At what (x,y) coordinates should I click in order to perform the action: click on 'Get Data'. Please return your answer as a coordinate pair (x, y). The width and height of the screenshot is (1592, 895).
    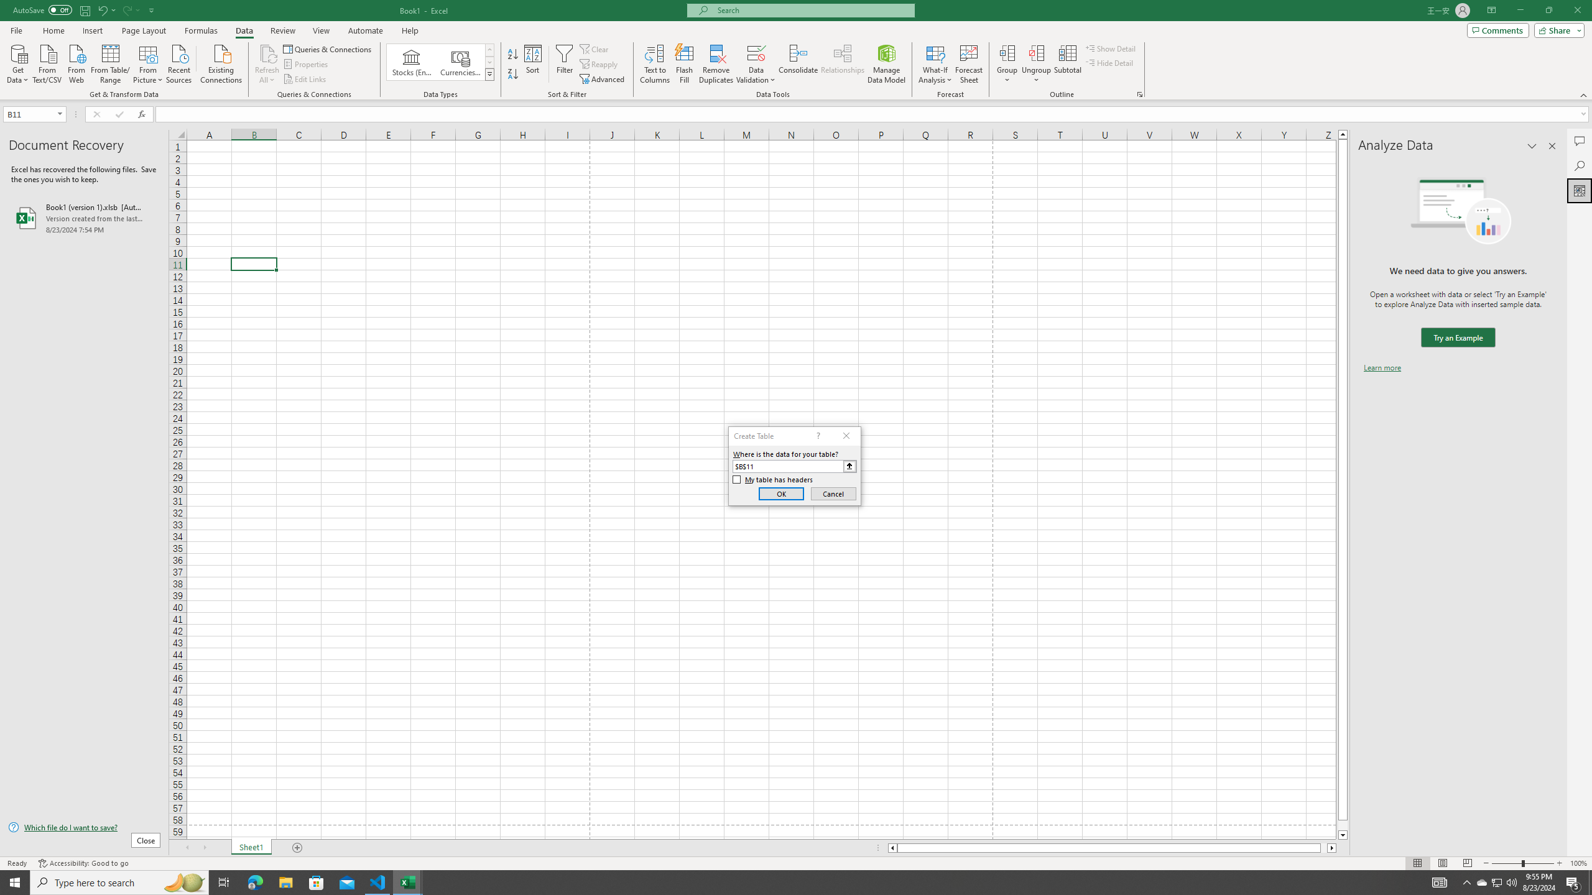
    Looking at the image, I should click on (17, 62).